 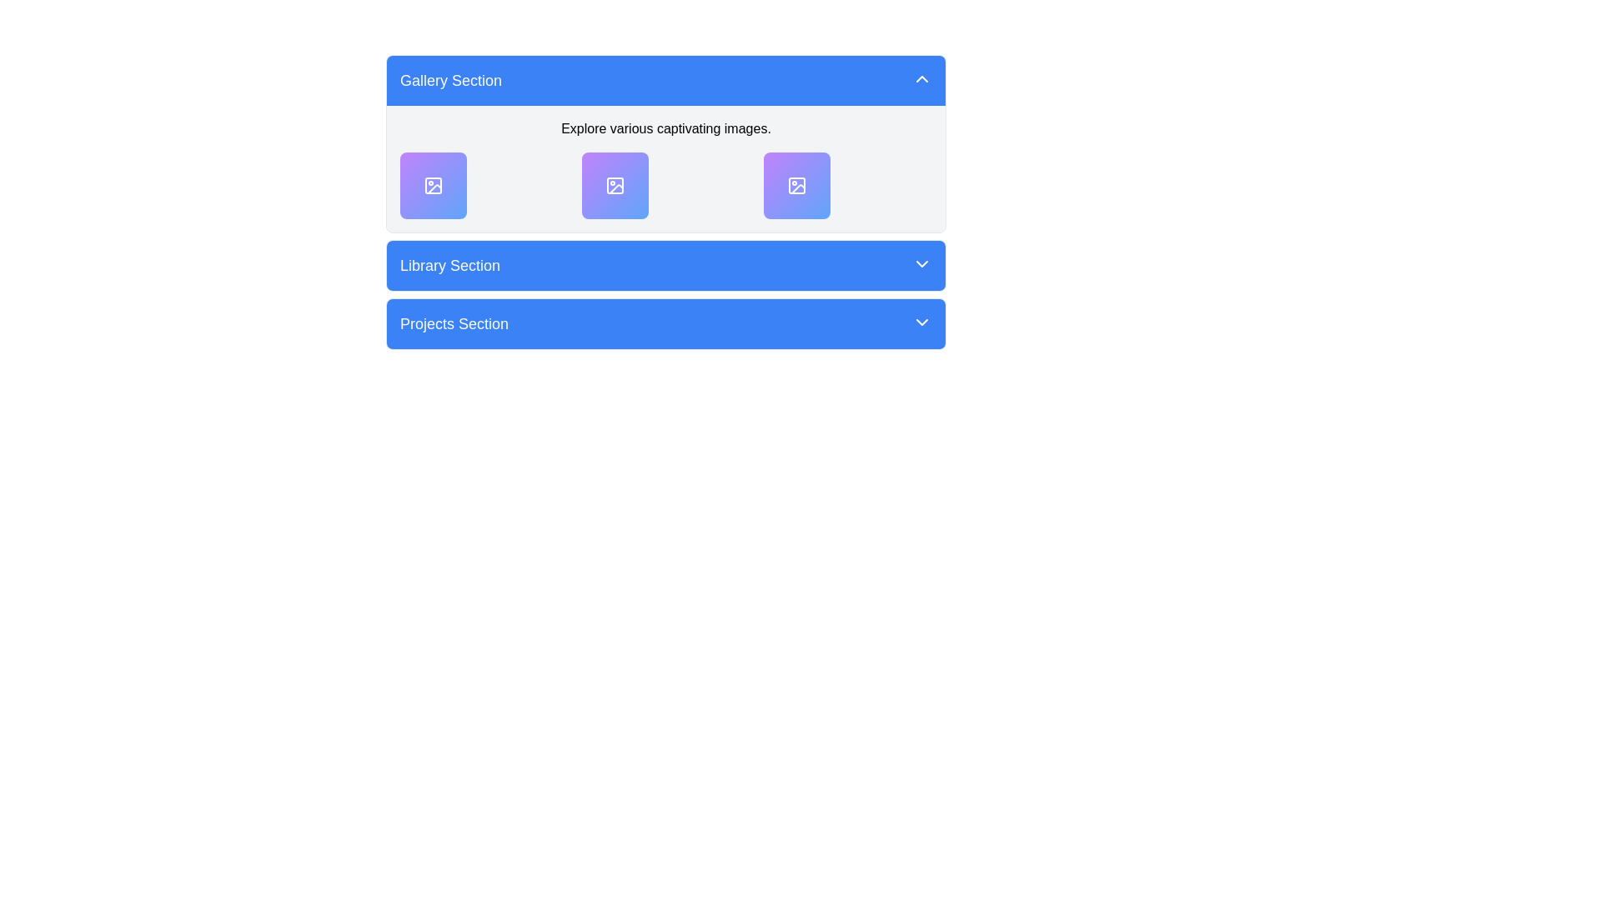 I want to click on the image or gallery icon located in the Gallery Section to interact with the gallery, so click(x=433, y=186).